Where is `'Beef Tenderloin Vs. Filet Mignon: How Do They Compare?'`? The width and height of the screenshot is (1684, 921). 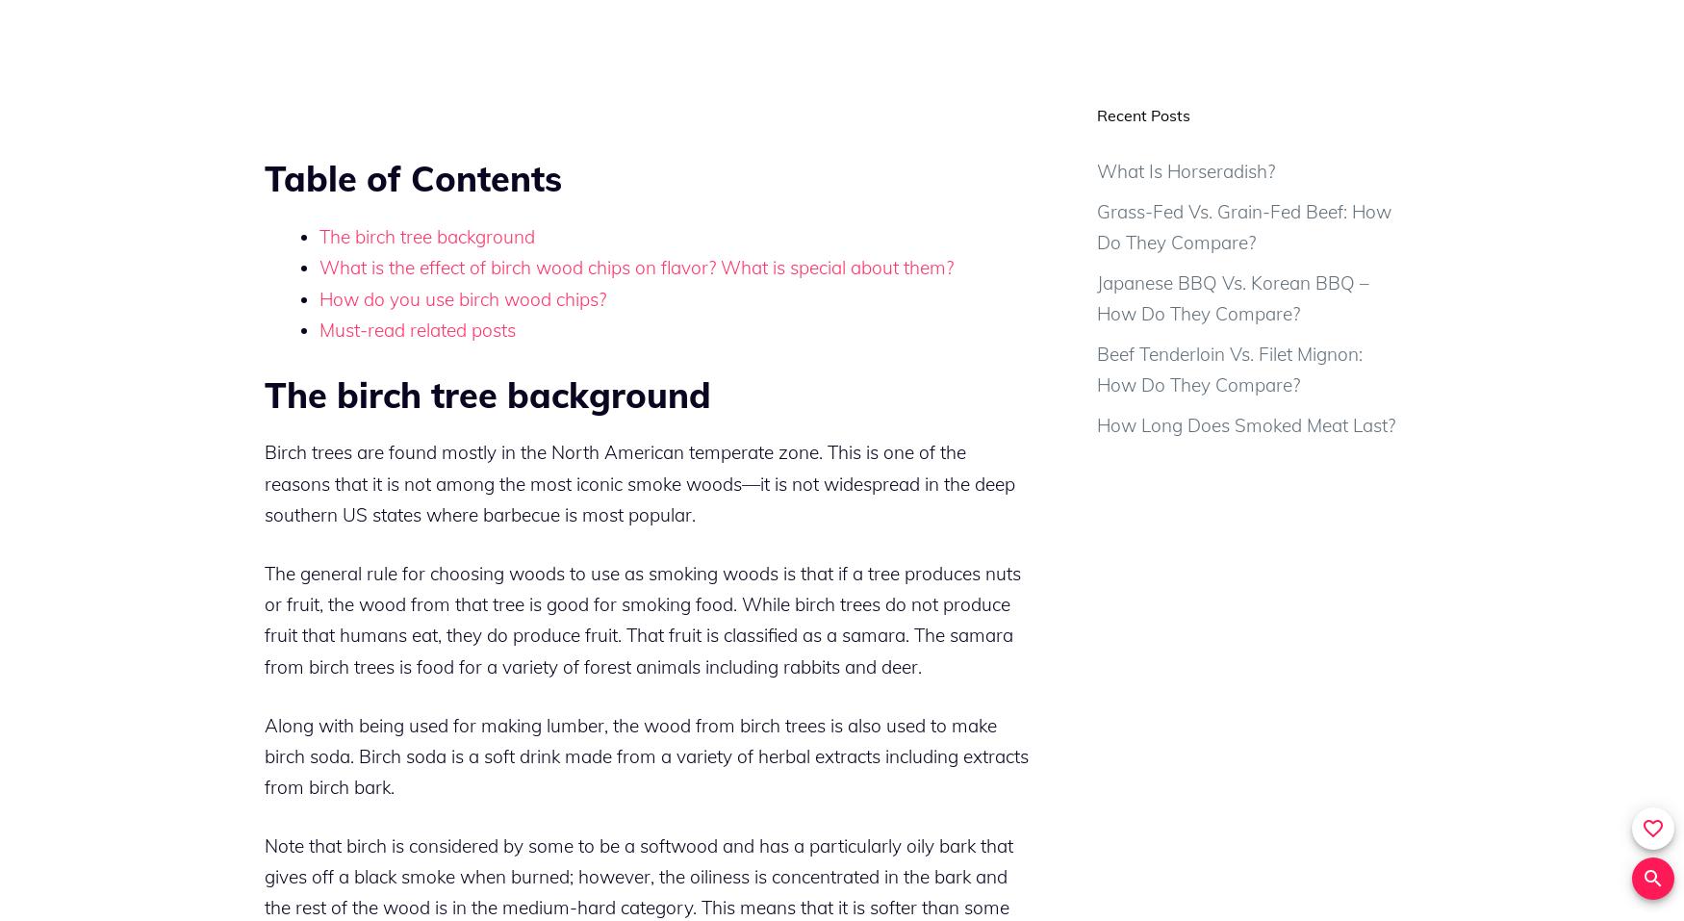
'Beef Tenderloin Vs. Filet Mignon: How Do They Compare?' is located at coordinates (1229, 369).